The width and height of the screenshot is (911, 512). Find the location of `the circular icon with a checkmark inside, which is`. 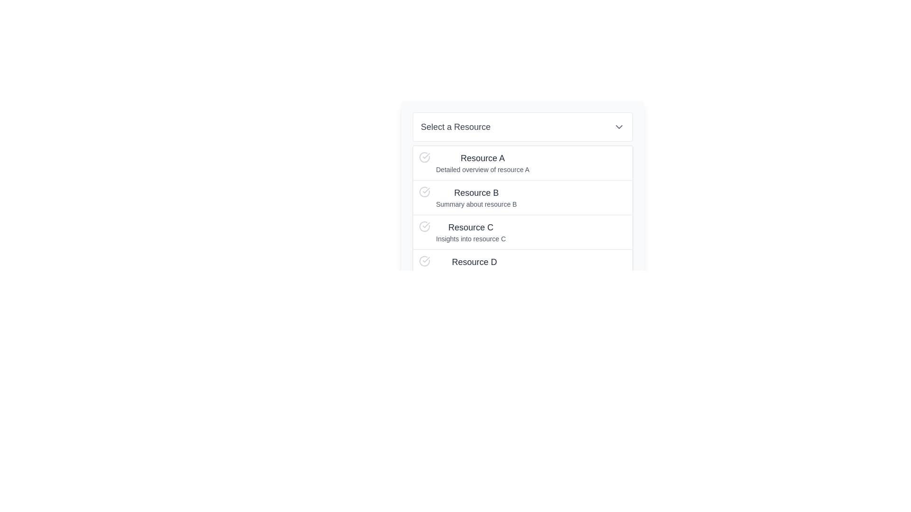

the circular icon with a checkmark inside, which is is located at coordinates (424, 192).